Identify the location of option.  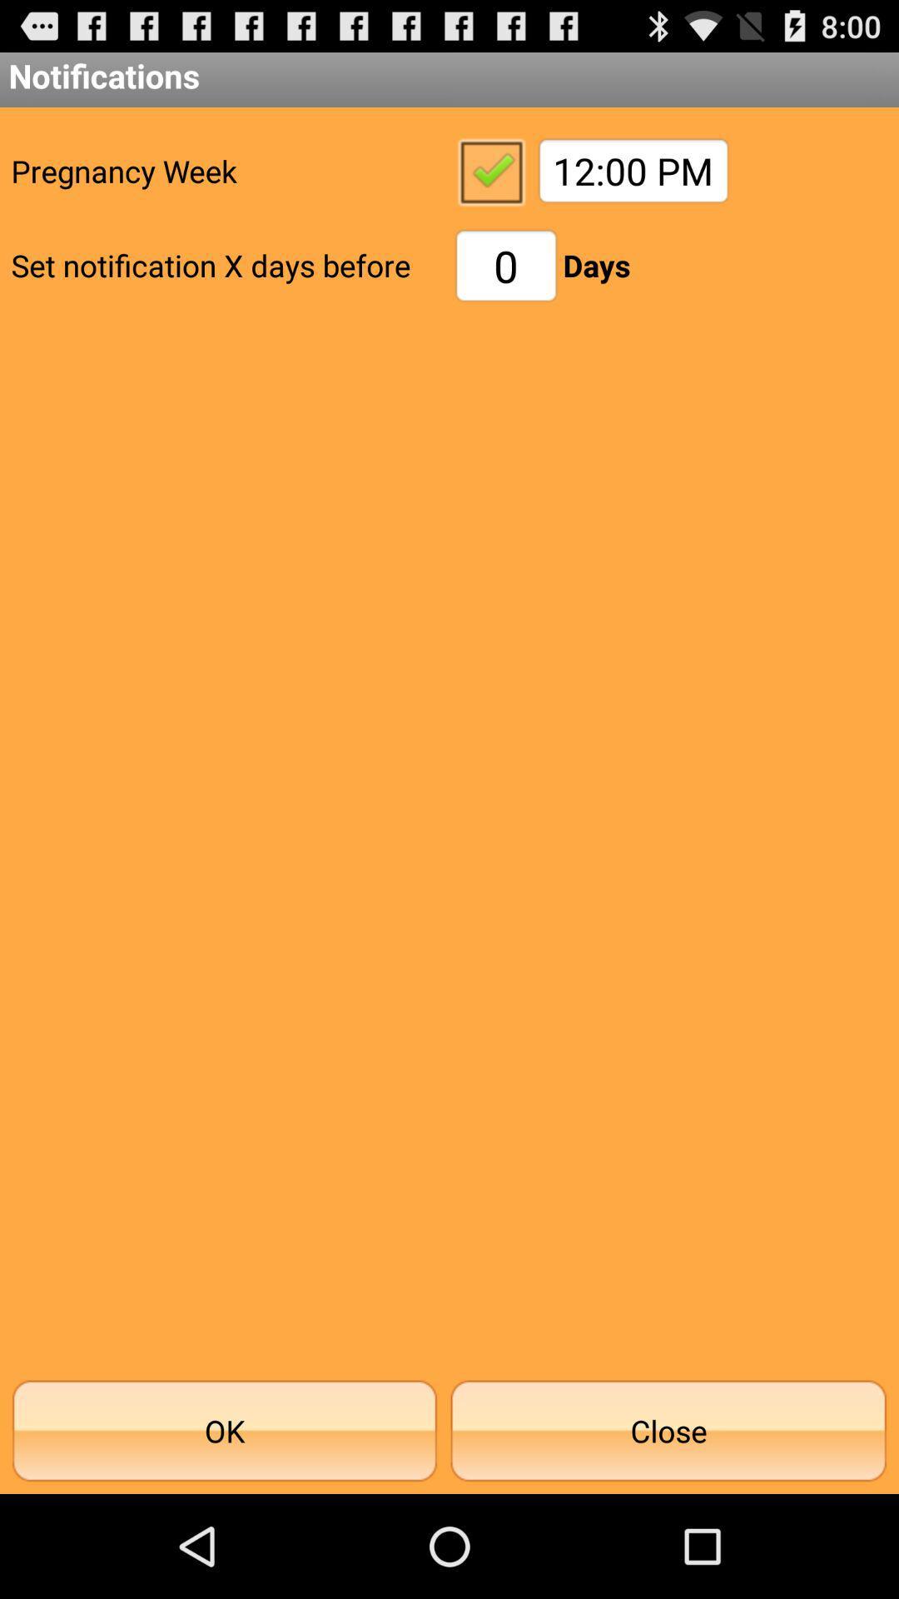
(489, 171).